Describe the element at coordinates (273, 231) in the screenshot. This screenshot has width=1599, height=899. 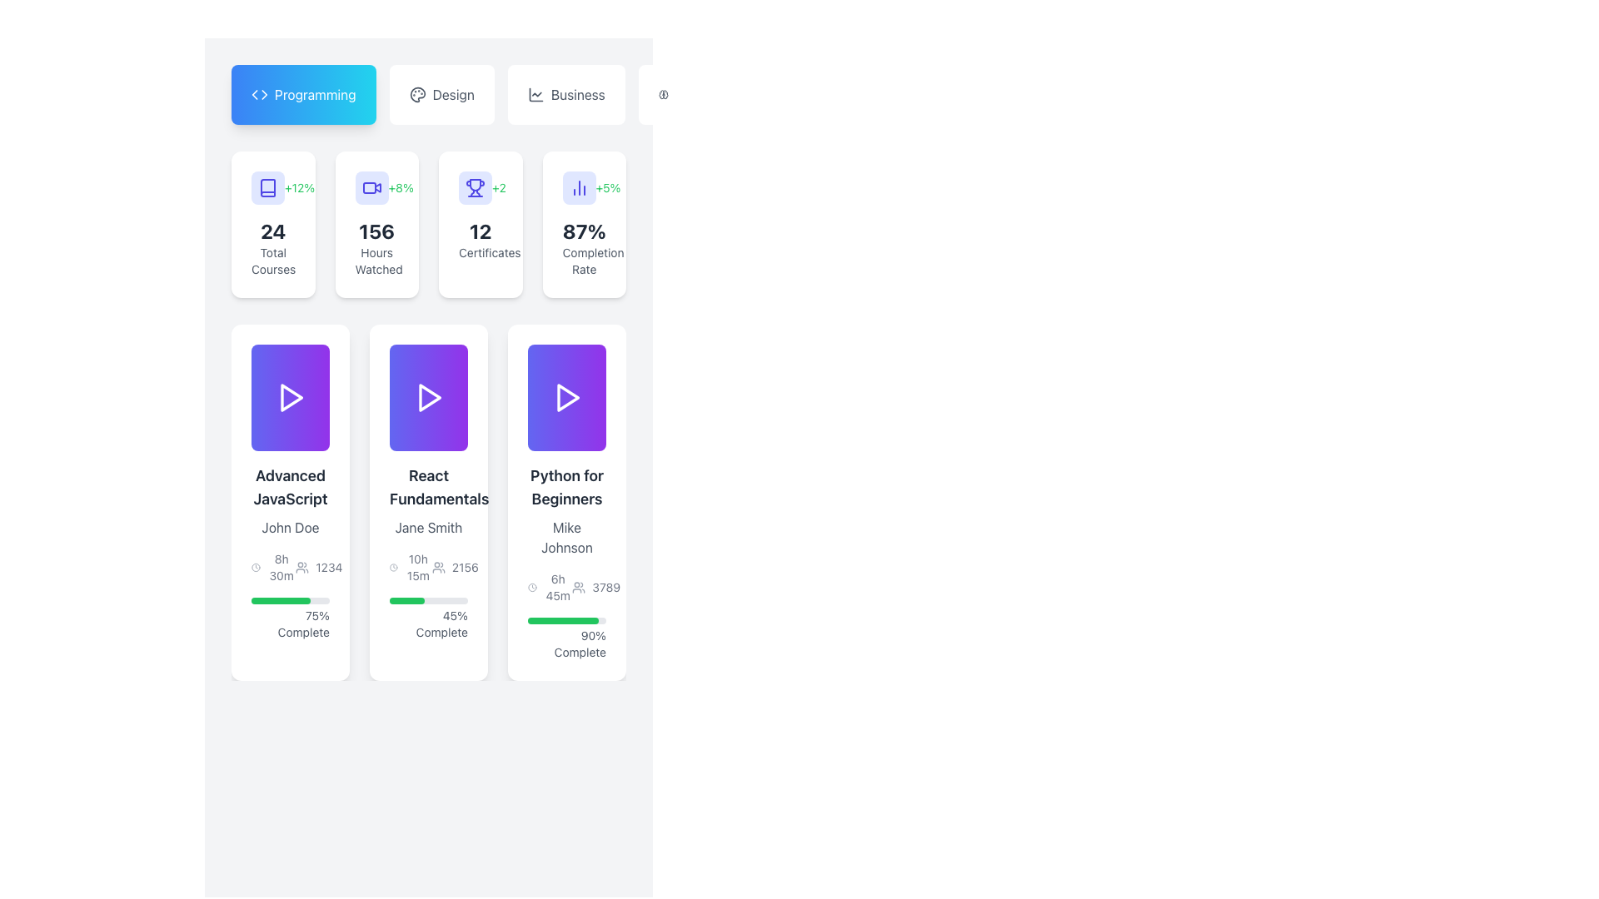
I see `the bold numeric text displaying '24' that is centrally aligned in the second row of the card component` at that location.